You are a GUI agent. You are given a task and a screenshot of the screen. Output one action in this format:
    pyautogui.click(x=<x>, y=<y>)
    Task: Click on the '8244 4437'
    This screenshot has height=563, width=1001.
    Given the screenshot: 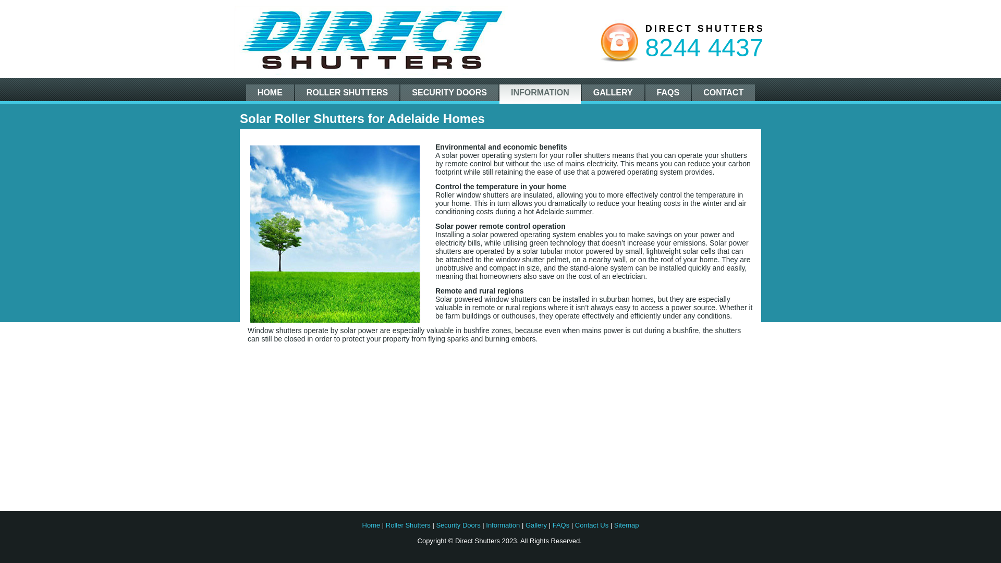 What is the action you would take?
    pyautogui.click(x=645, y=47)
    